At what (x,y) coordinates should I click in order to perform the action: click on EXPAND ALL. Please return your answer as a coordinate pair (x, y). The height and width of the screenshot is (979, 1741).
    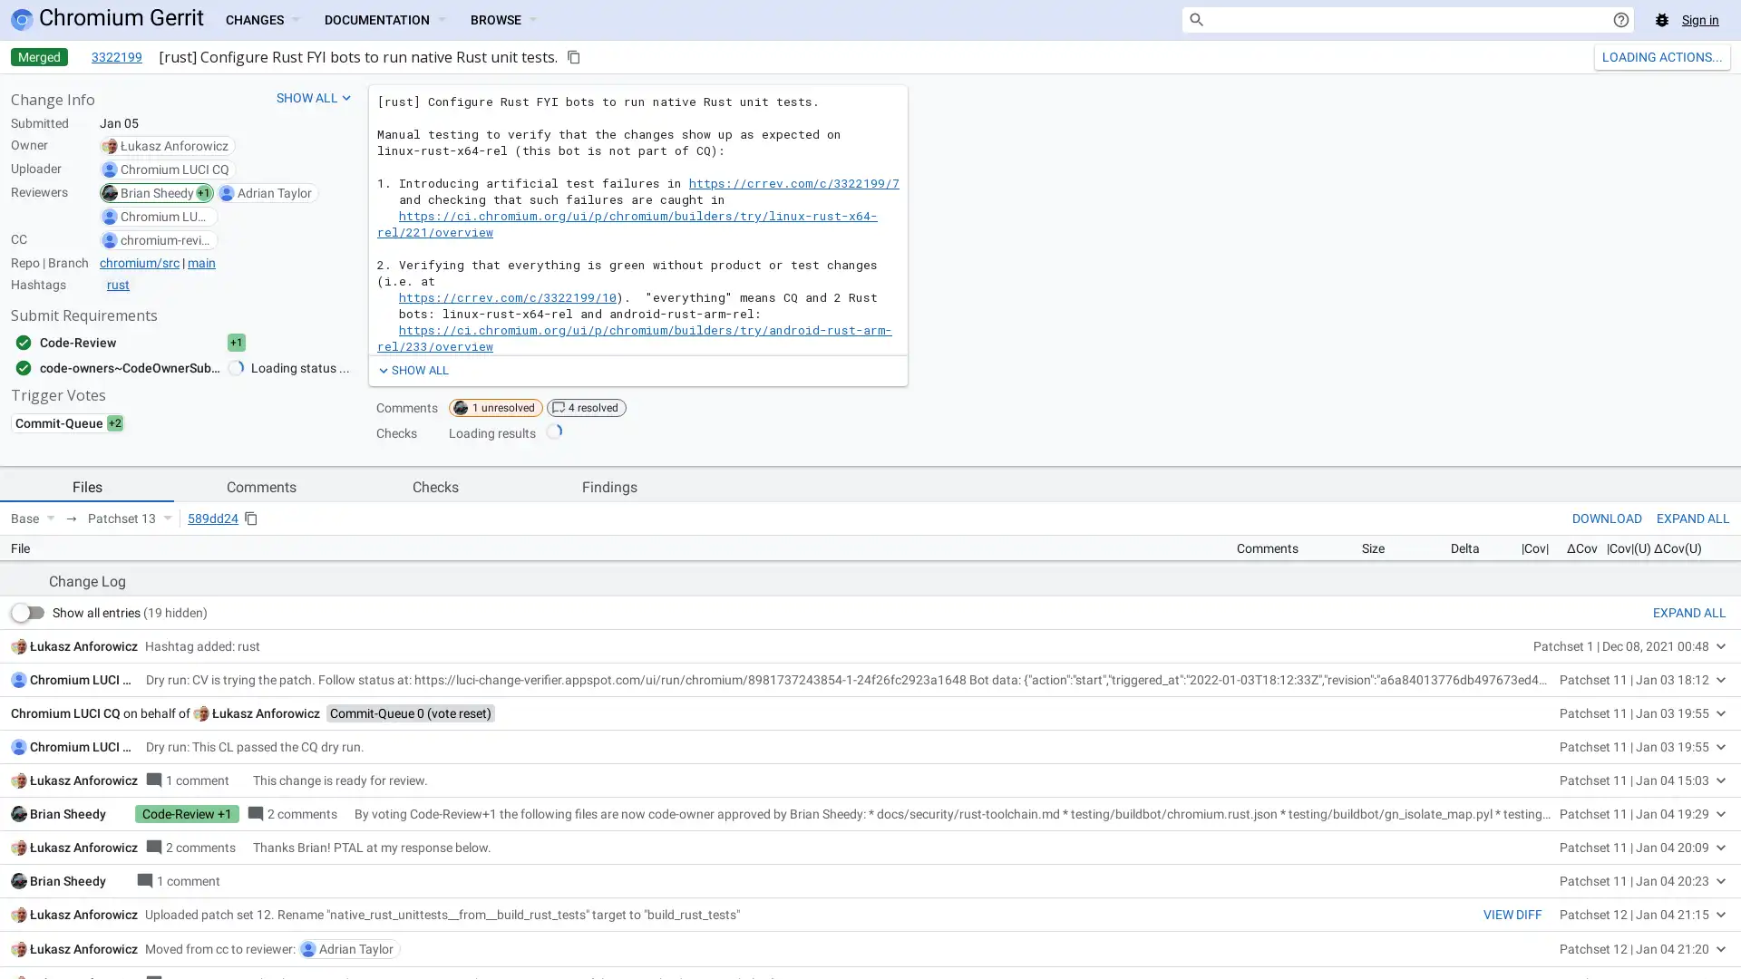
    Looking at the image, I should click on (1692, 518).